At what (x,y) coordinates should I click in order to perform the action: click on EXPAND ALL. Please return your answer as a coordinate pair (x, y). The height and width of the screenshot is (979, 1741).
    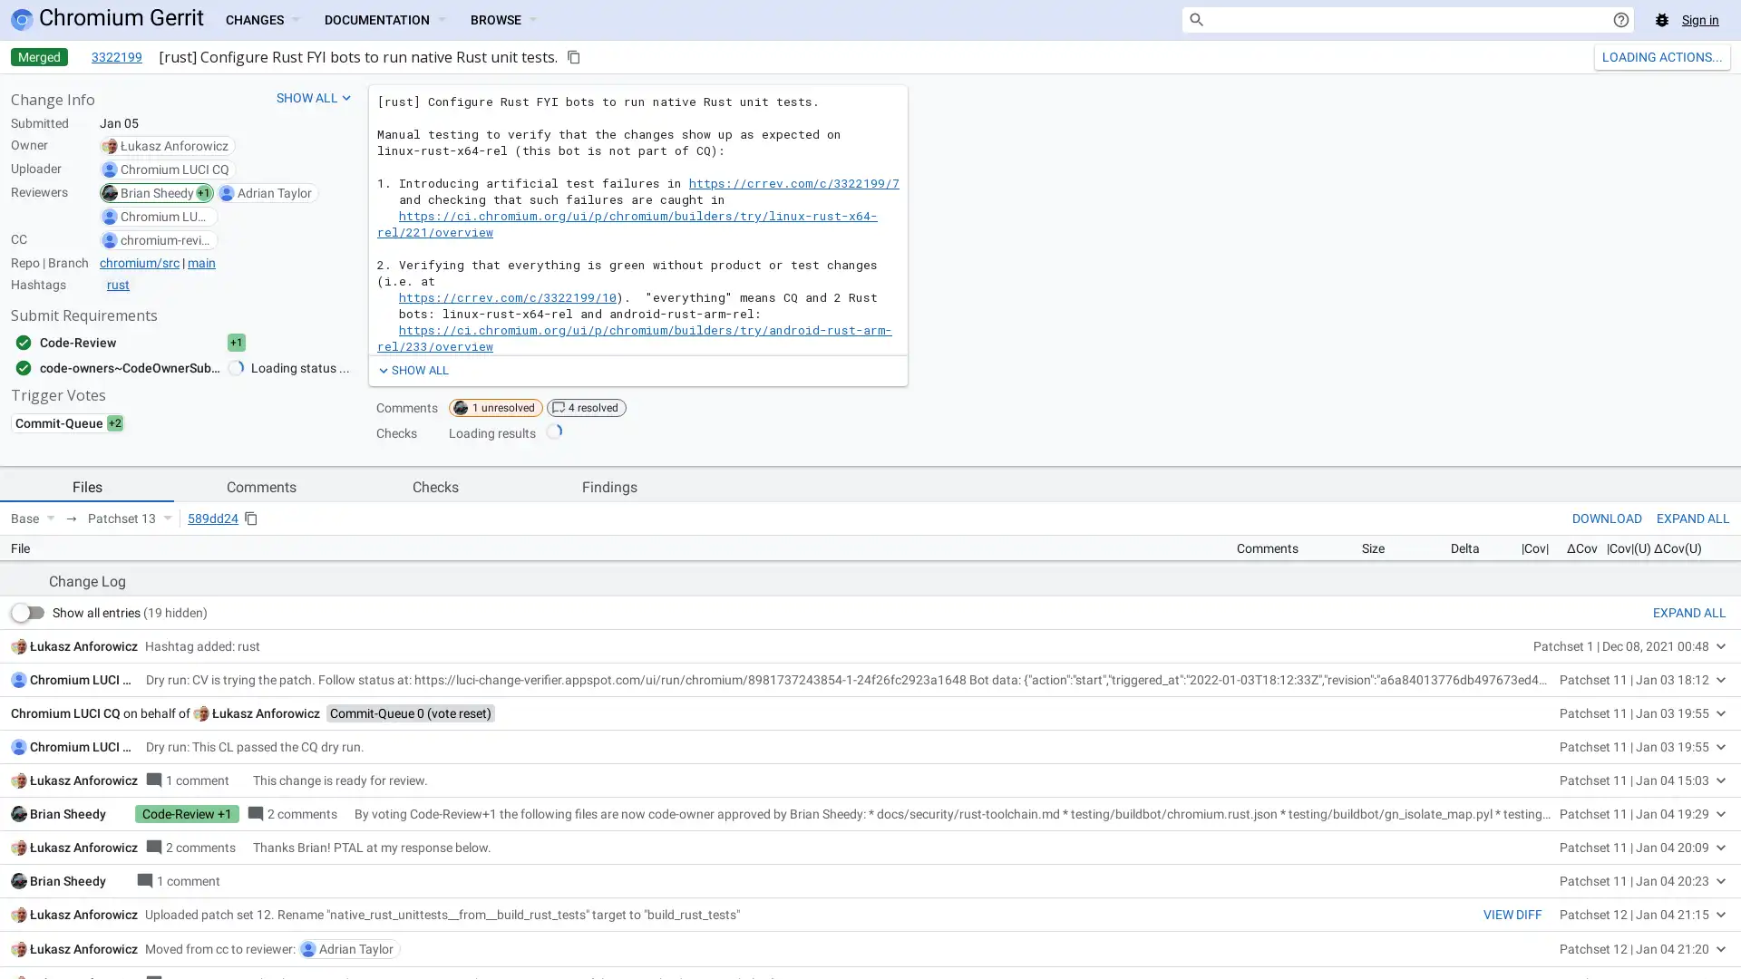
    Looking at the image, I should click on (1692, 518).